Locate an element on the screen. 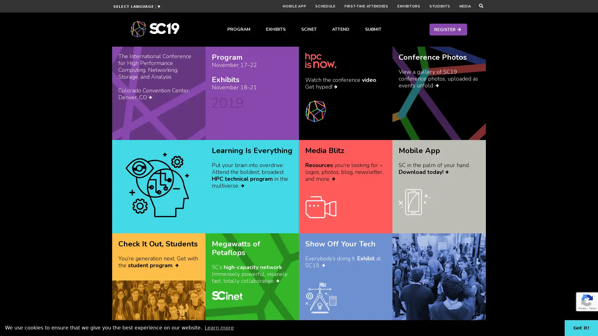 The height and width of the screenshot is (336, 598). learn more about cookies is located at coordinates (219, 327).